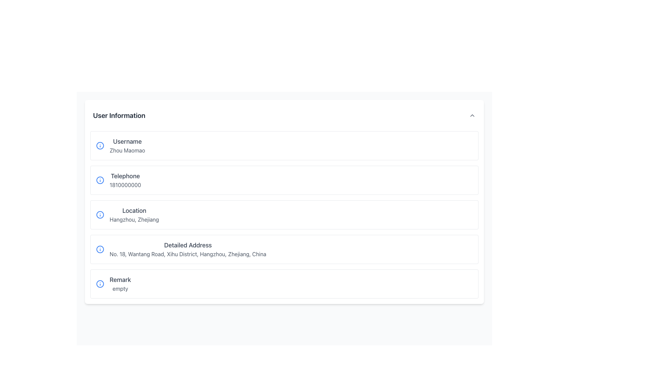 The image size is (652, 366). What do you see at coordinates (99, 284) in the screenshot?
I see `the blue stroked circular icon representing information, located to the left of the 'Remark' section in the 'User Information' card` at bounding box center [99, 284].